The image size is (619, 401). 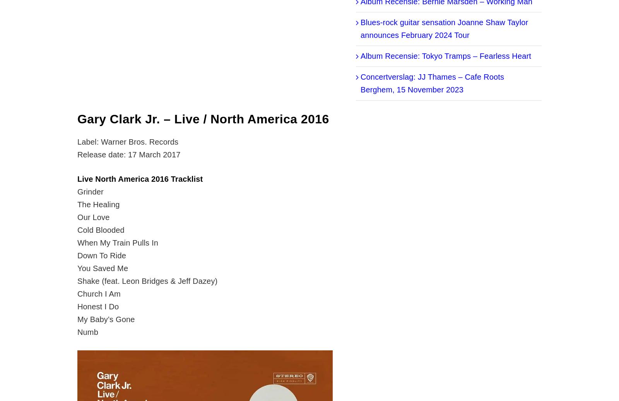 What do you see at coordinates (90, 191) in the screenshot?
I see `'Grinder'` at bounding box center [90, 191].